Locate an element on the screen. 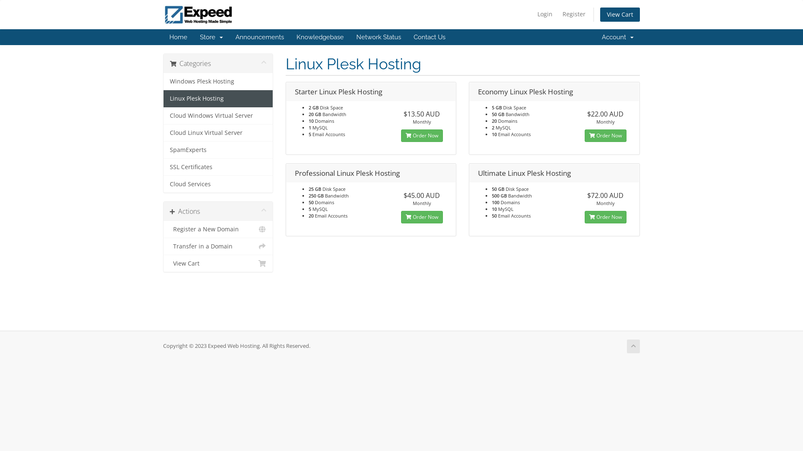 The height and width of the screenshot is (451, 803). 'SpamExperts' is located at coordinates (218, 149).